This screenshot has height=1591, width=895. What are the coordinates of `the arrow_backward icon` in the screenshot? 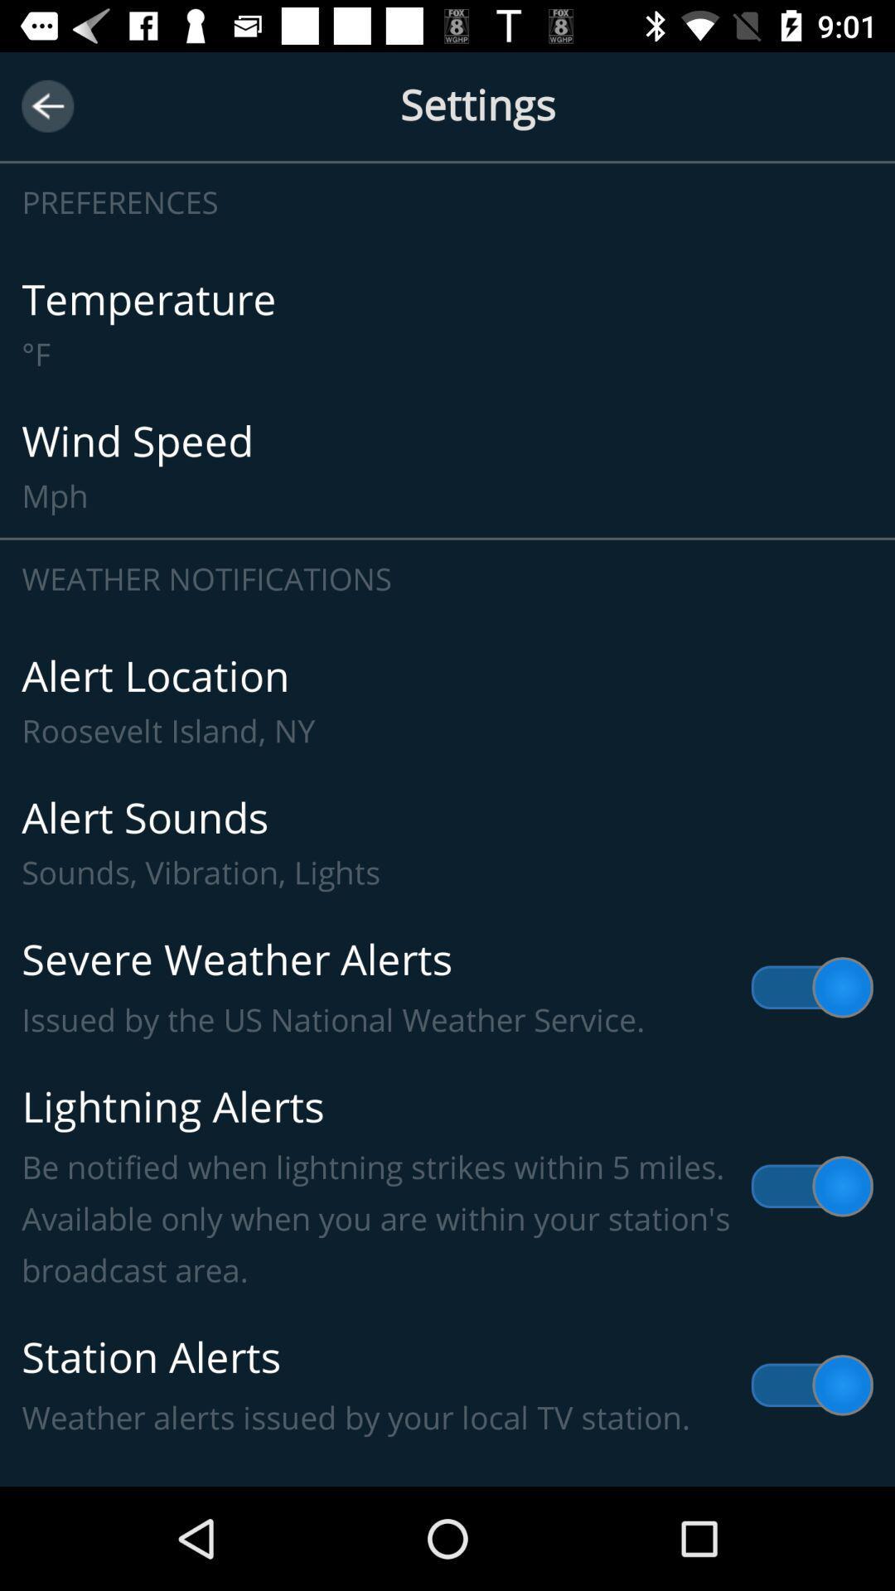 It's located at (46, 105).